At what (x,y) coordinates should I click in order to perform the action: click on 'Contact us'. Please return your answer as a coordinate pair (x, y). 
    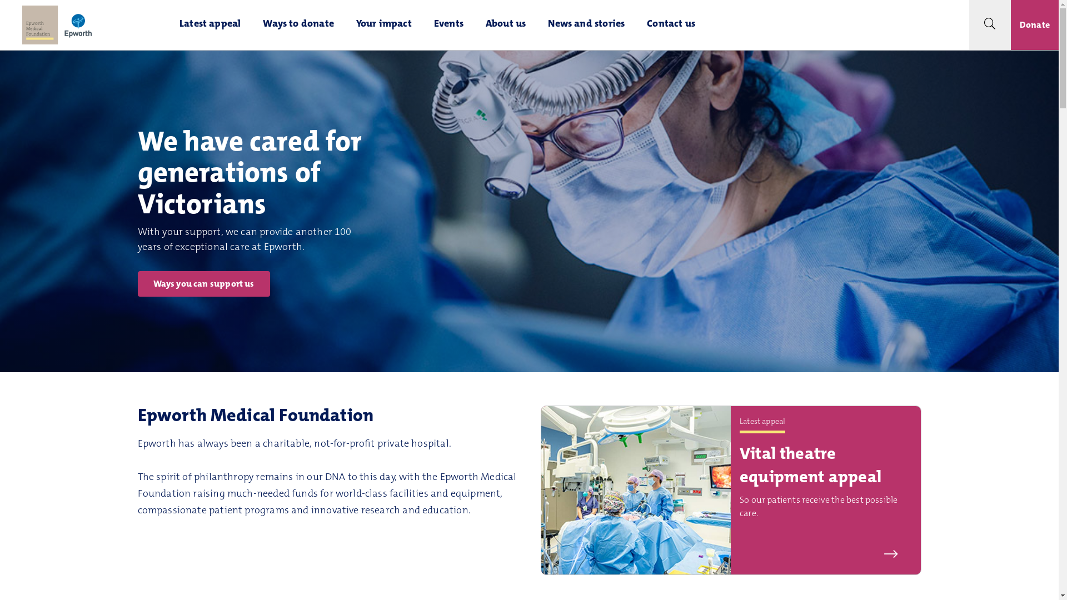
    Looking at the image, I should click on (670, 25).